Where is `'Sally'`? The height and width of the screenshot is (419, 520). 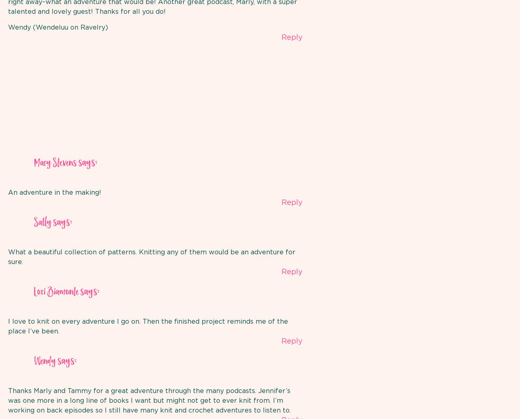 'Sally' is located at coordinates (42, 222).